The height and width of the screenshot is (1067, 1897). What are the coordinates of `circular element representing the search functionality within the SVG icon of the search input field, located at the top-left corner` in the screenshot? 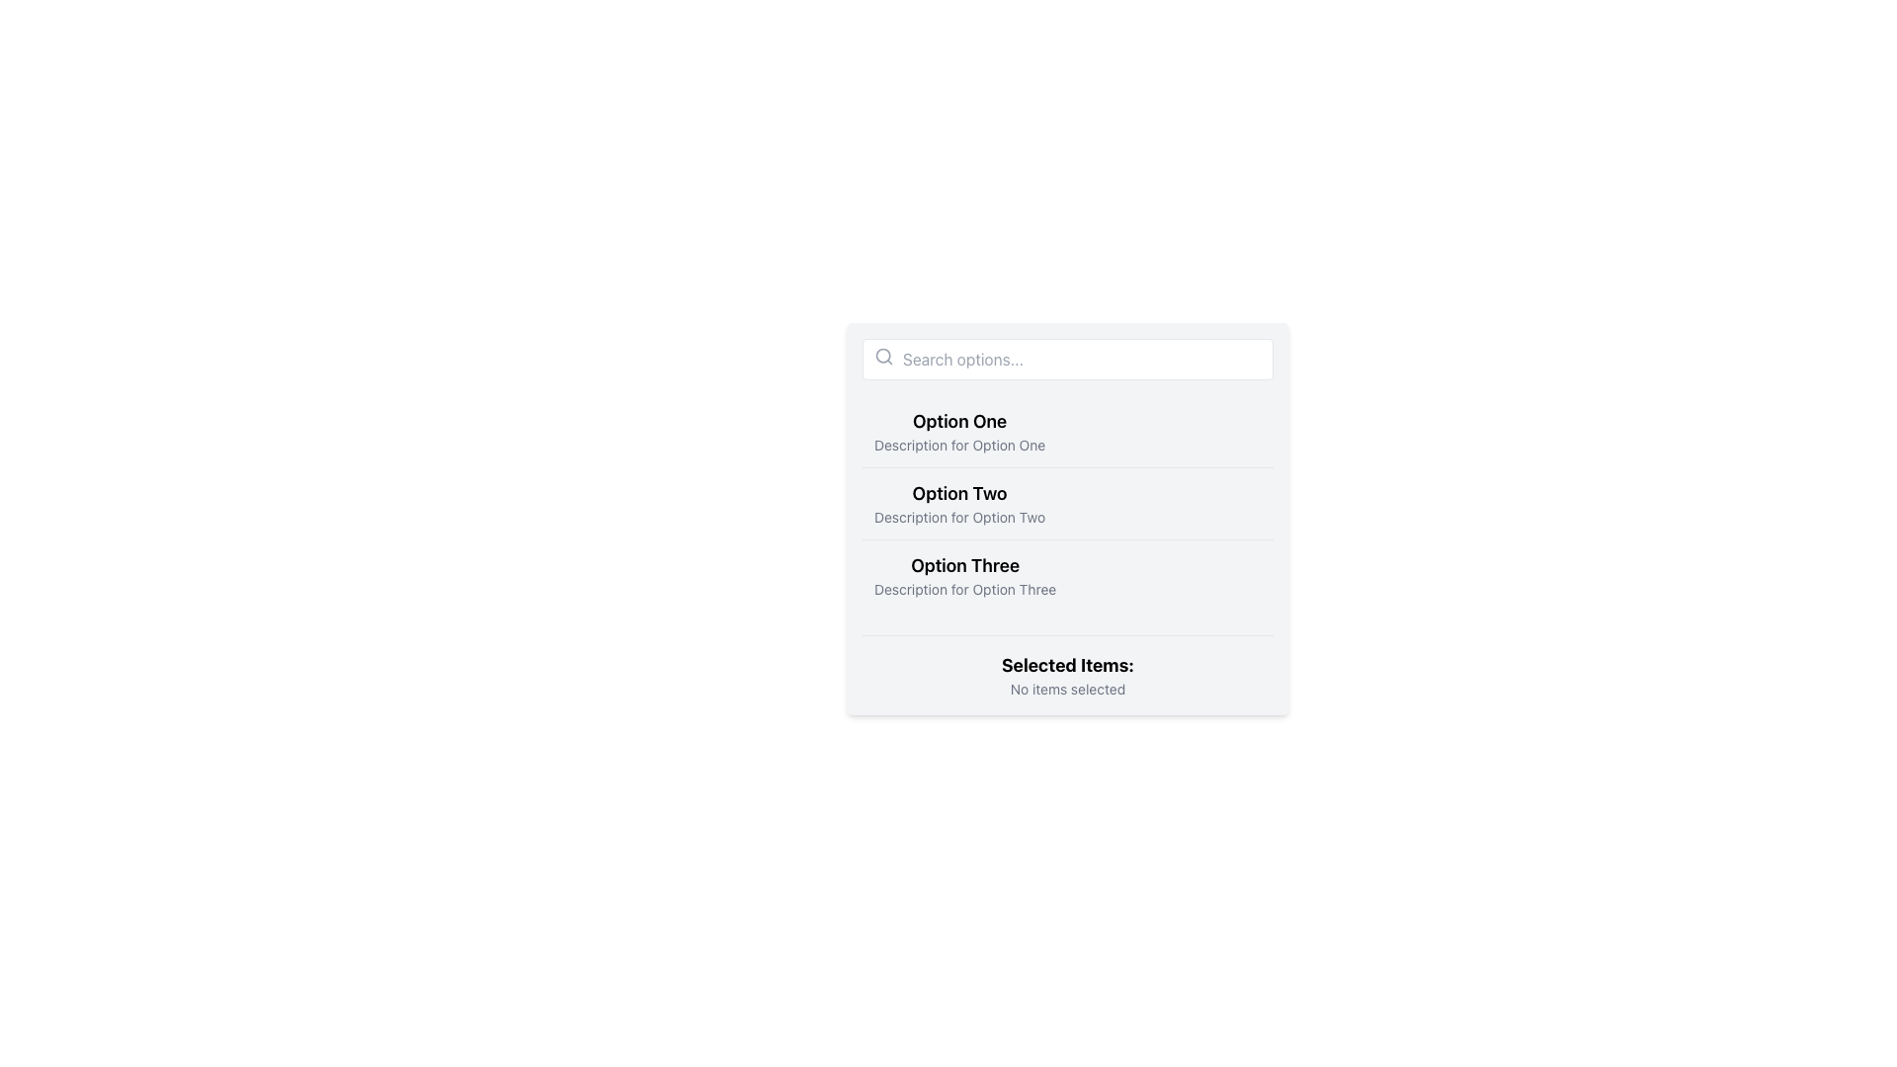 It's located at (882, 356).